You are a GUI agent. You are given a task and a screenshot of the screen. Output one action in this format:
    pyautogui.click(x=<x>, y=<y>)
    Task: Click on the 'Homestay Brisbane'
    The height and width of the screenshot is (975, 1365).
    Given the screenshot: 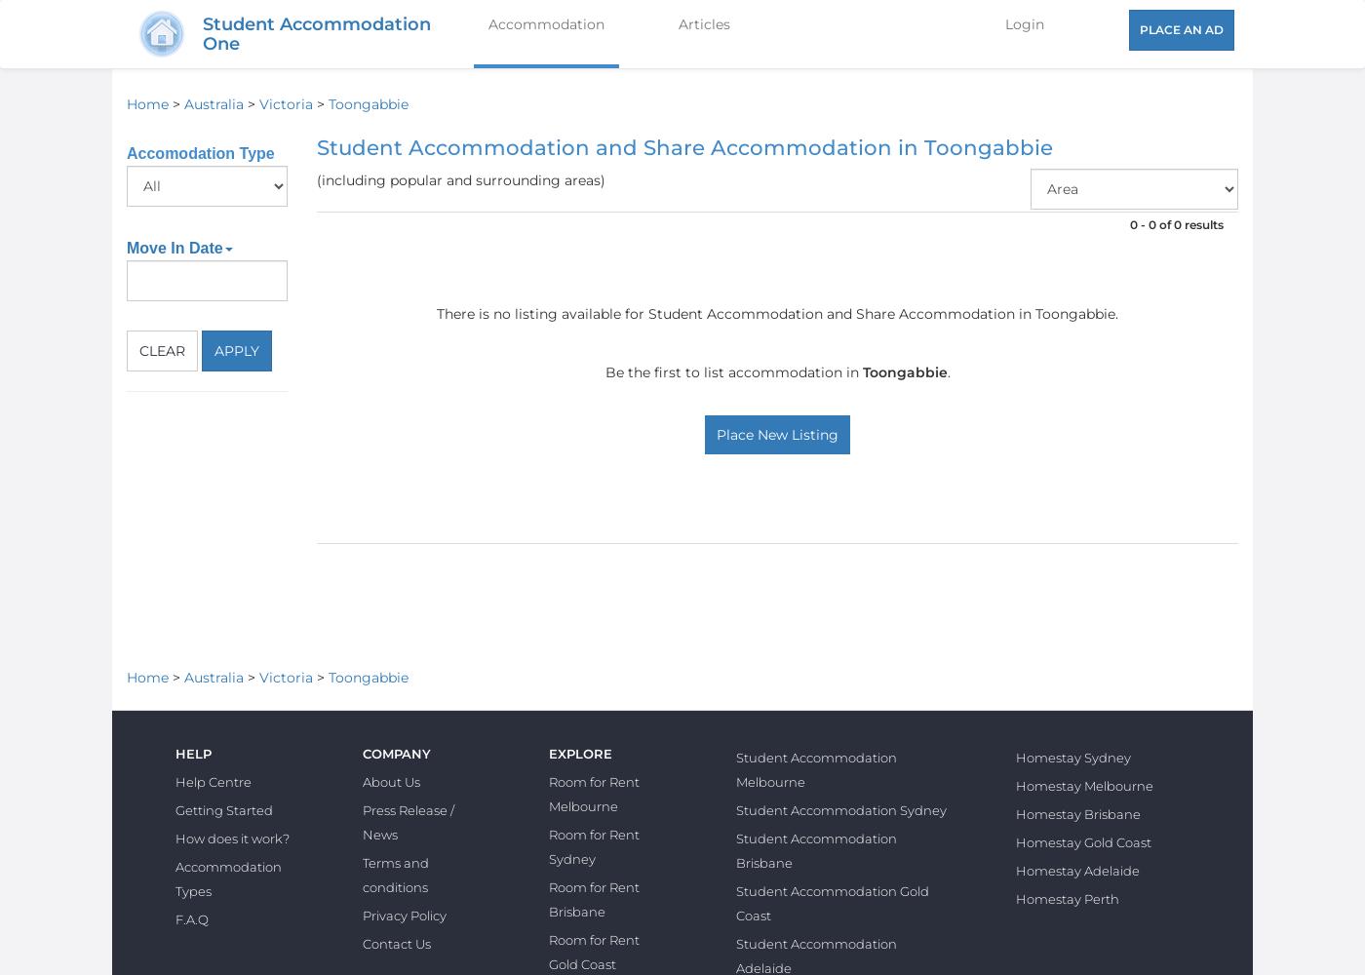 What is the action you would take?
    pyautogui.click(x=1078, y=813)
    